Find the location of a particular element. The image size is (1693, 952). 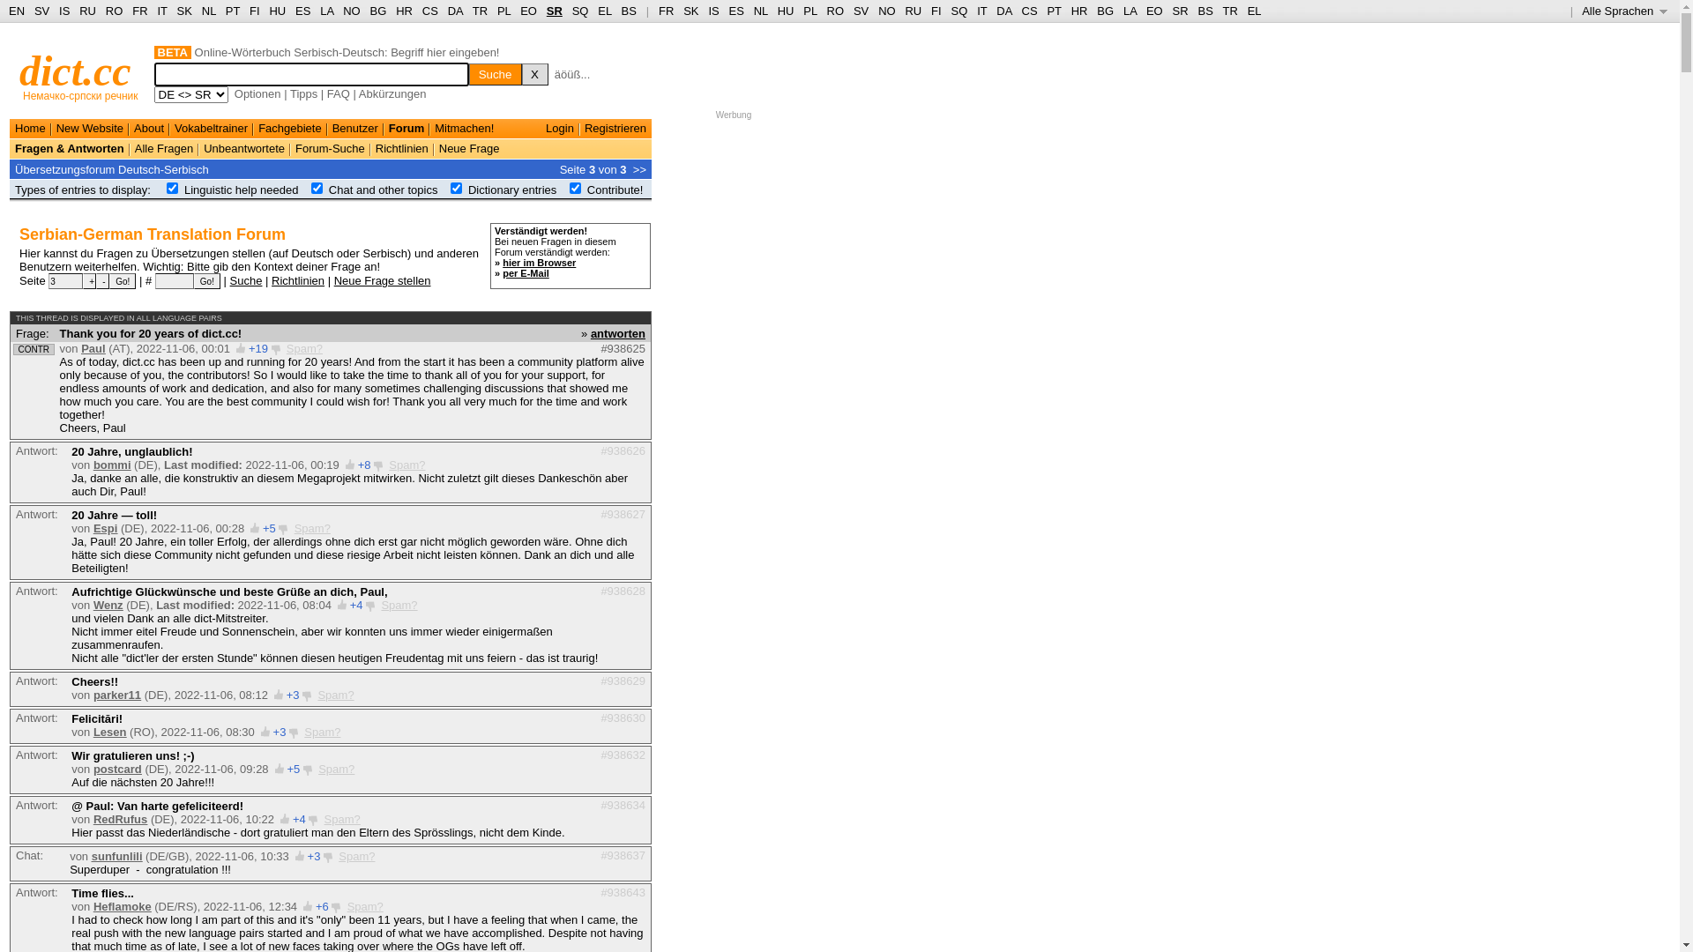

'EL' is located at coordinates (604, 11).